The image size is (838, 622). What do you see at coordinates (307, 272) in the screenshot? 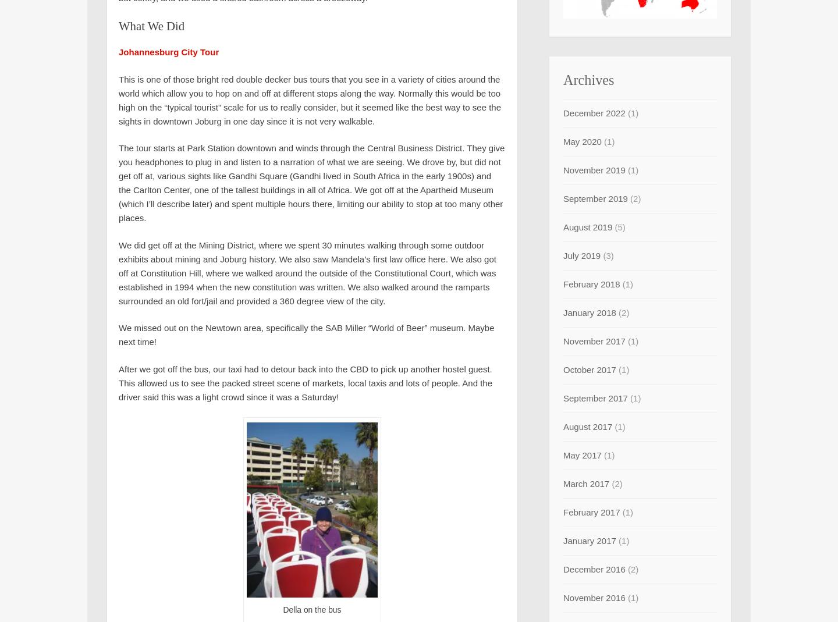
I see `'We did get off at the Mining District, where we spent 30 minutes walking through some outdoor exhibits about mining and Joburg history. We also saw Mandela’s first law office here. We also got off at Constitution Hill, where we walked around the outside of the Constitutional Court, which was established in 1994 when the new constitution was written. We also walked around the ramparts surrounded an old fort/jail and provided a 360 degree view of the city.'` at bounding box center [307, 272].